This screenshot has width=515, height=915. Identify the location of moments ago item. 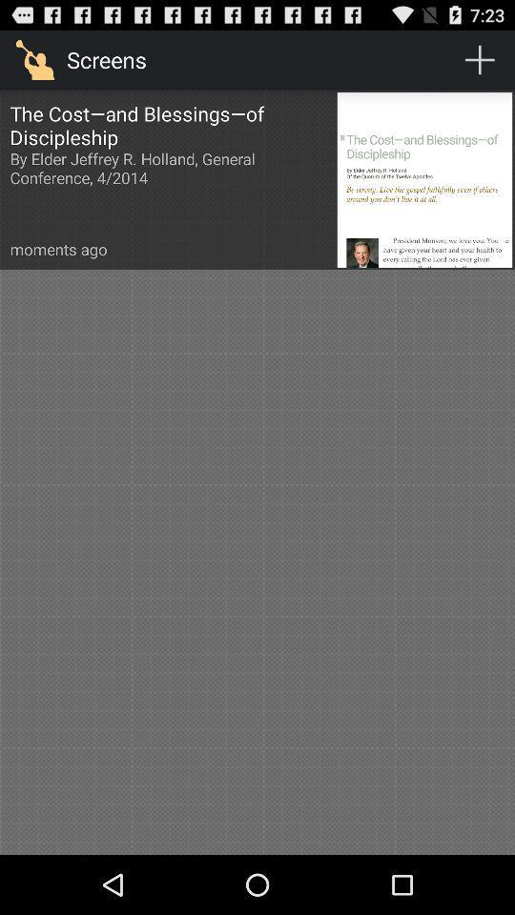
(58, 248).